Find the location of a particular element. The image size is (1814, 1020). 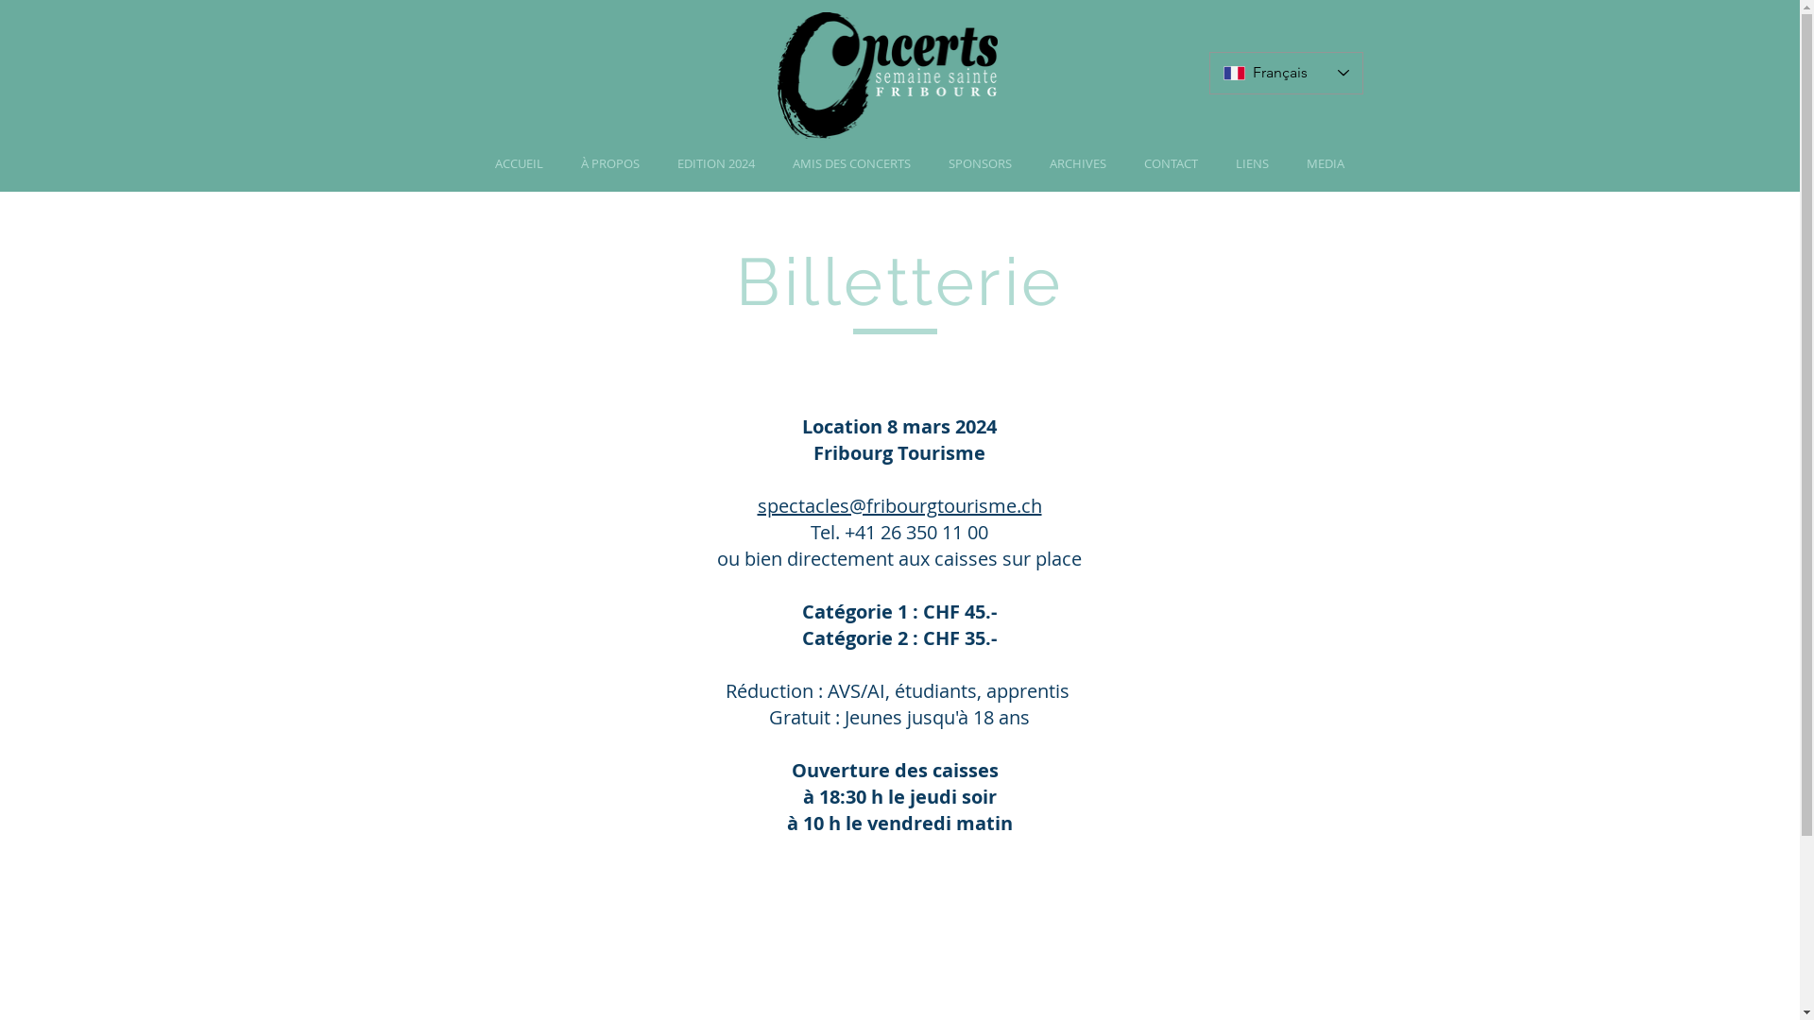

'ACCUEIL' is located at coordinates (519, 162).